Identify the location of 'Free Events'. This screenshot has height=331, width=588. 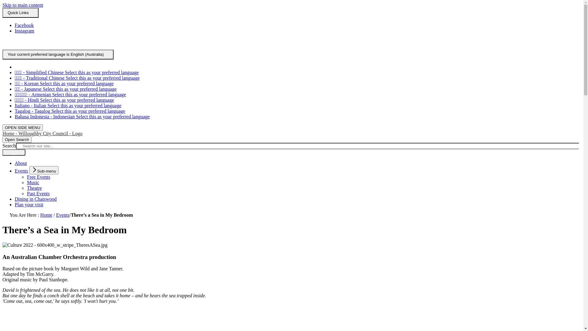
(26, 177).